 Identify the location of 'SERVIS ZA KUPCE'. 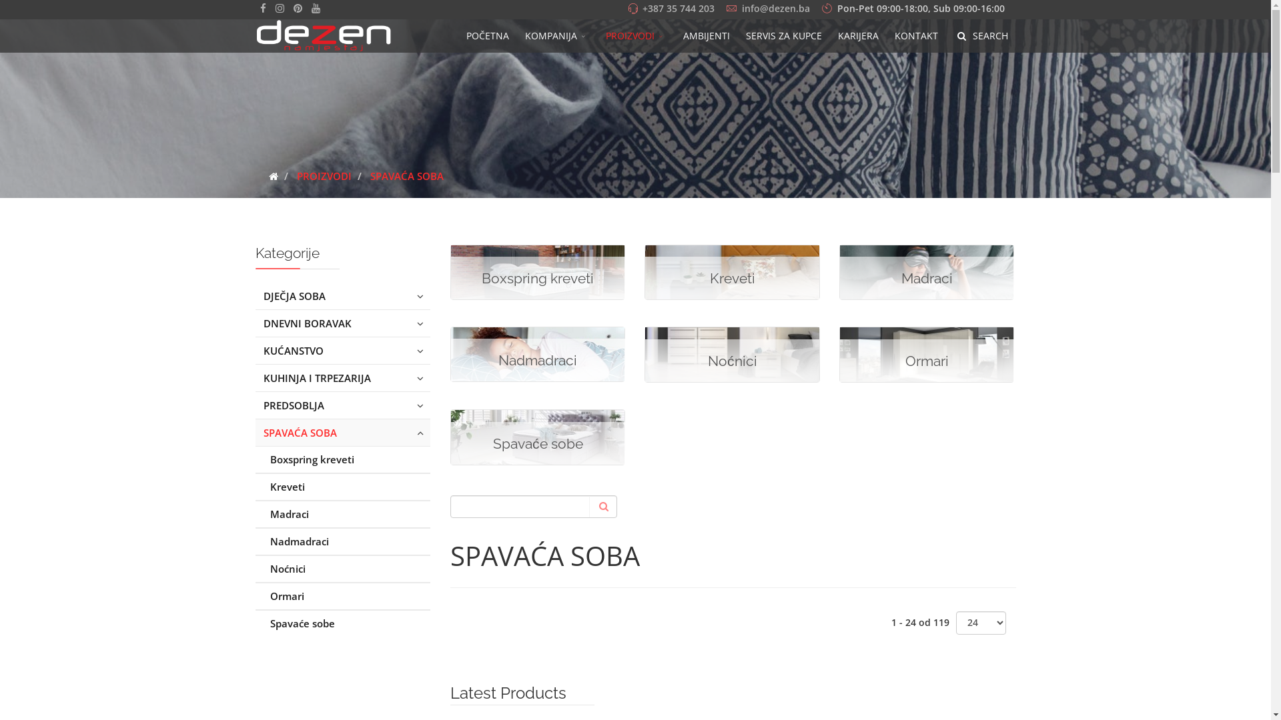
(784, 35).